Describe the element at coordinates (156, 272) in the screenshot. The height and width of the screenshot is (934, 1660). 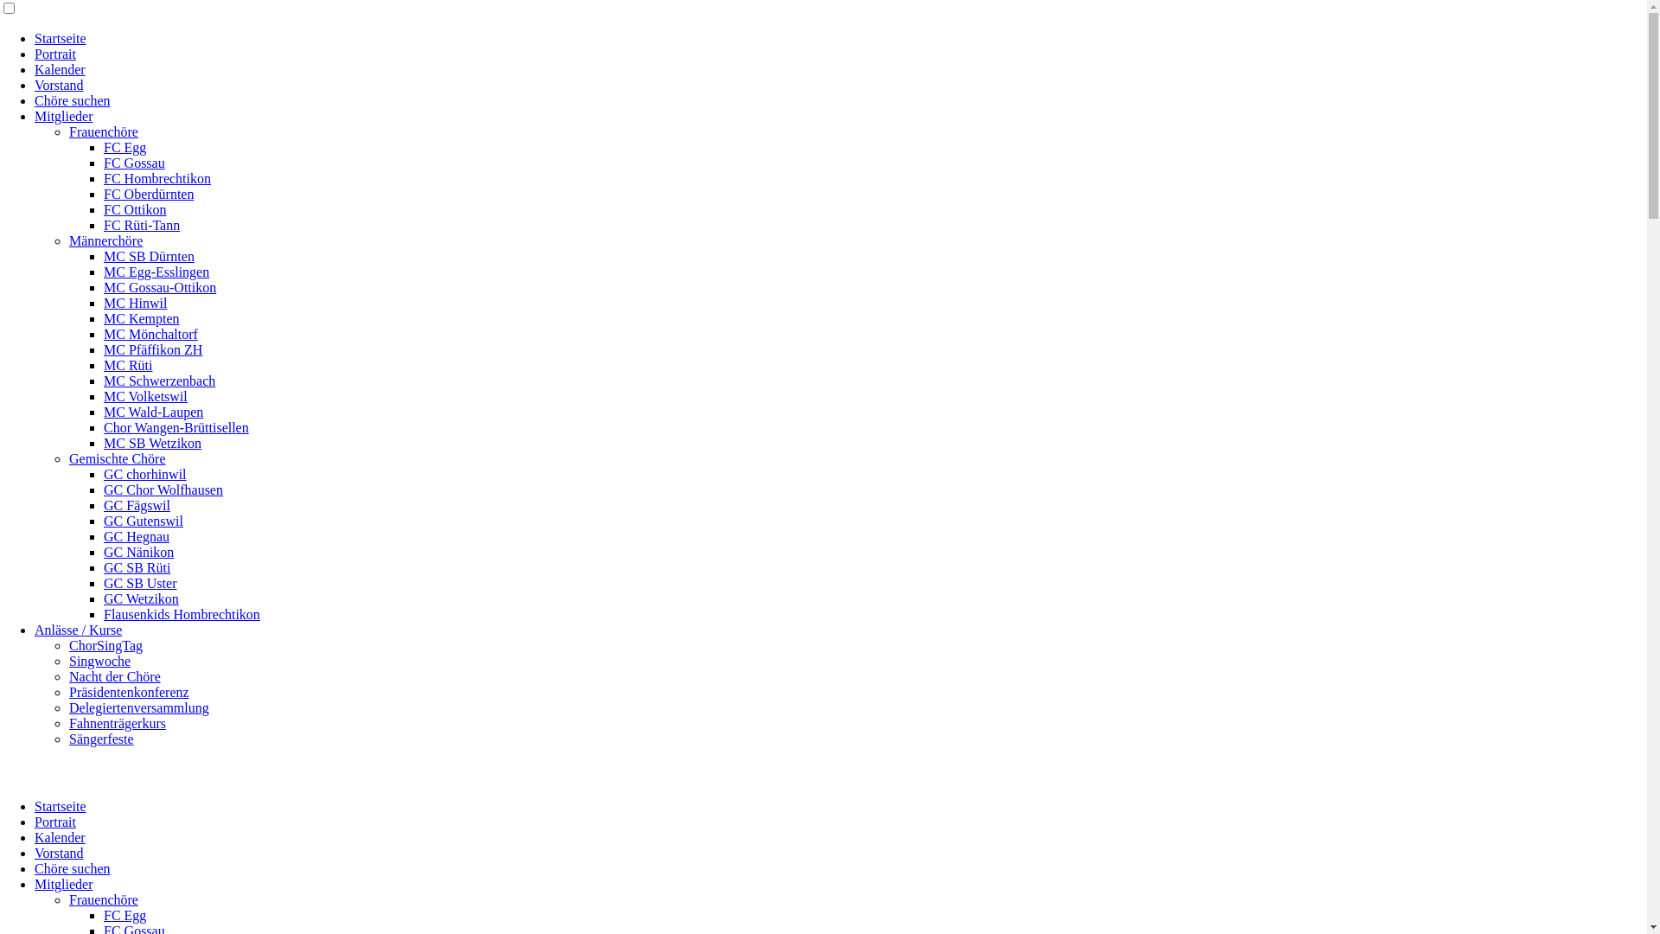
I see `'MC Egg-Esslingen'` at that location.